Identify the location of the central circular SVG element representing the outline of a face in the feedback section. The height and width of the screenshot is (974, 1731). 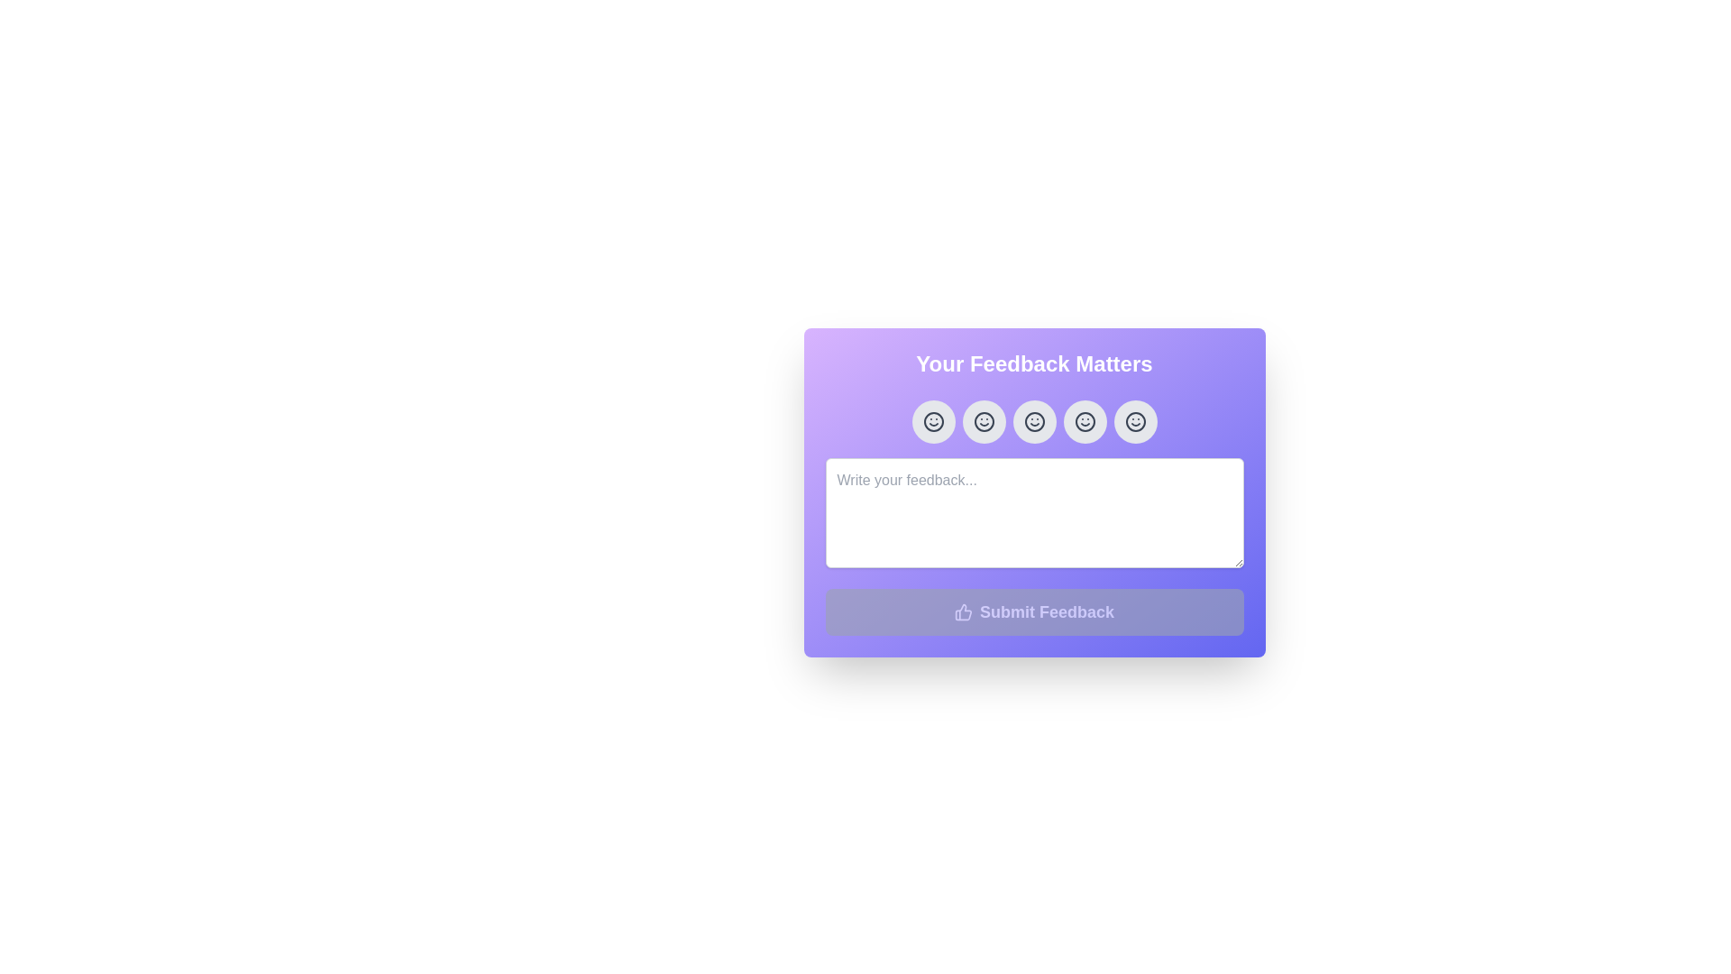
(1084, 421).